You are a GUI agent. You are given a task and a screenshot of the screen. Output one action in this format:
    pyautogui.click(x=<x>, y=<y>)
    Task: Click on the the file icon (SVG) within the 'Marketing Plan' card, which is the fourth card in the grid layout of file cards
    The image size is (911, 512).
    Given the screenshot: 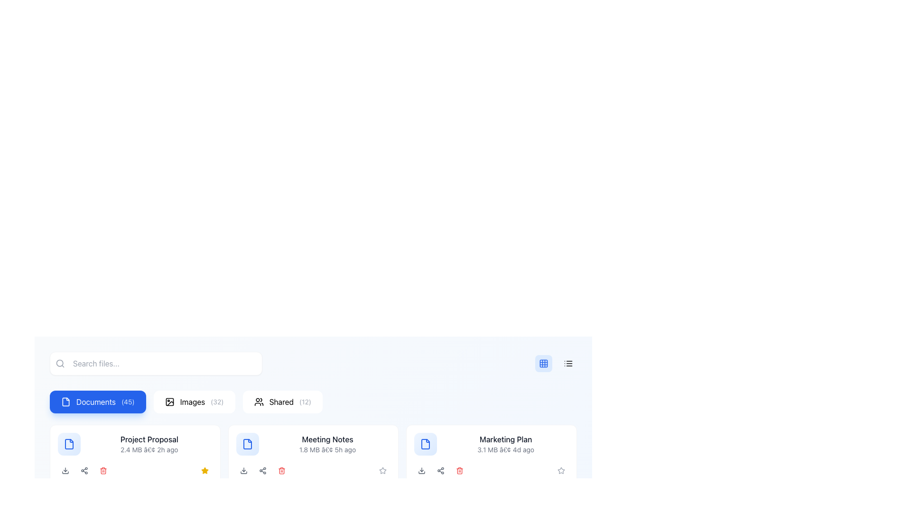 What is the action you would take?
    pyautogui.click(x=425, y=444)
    